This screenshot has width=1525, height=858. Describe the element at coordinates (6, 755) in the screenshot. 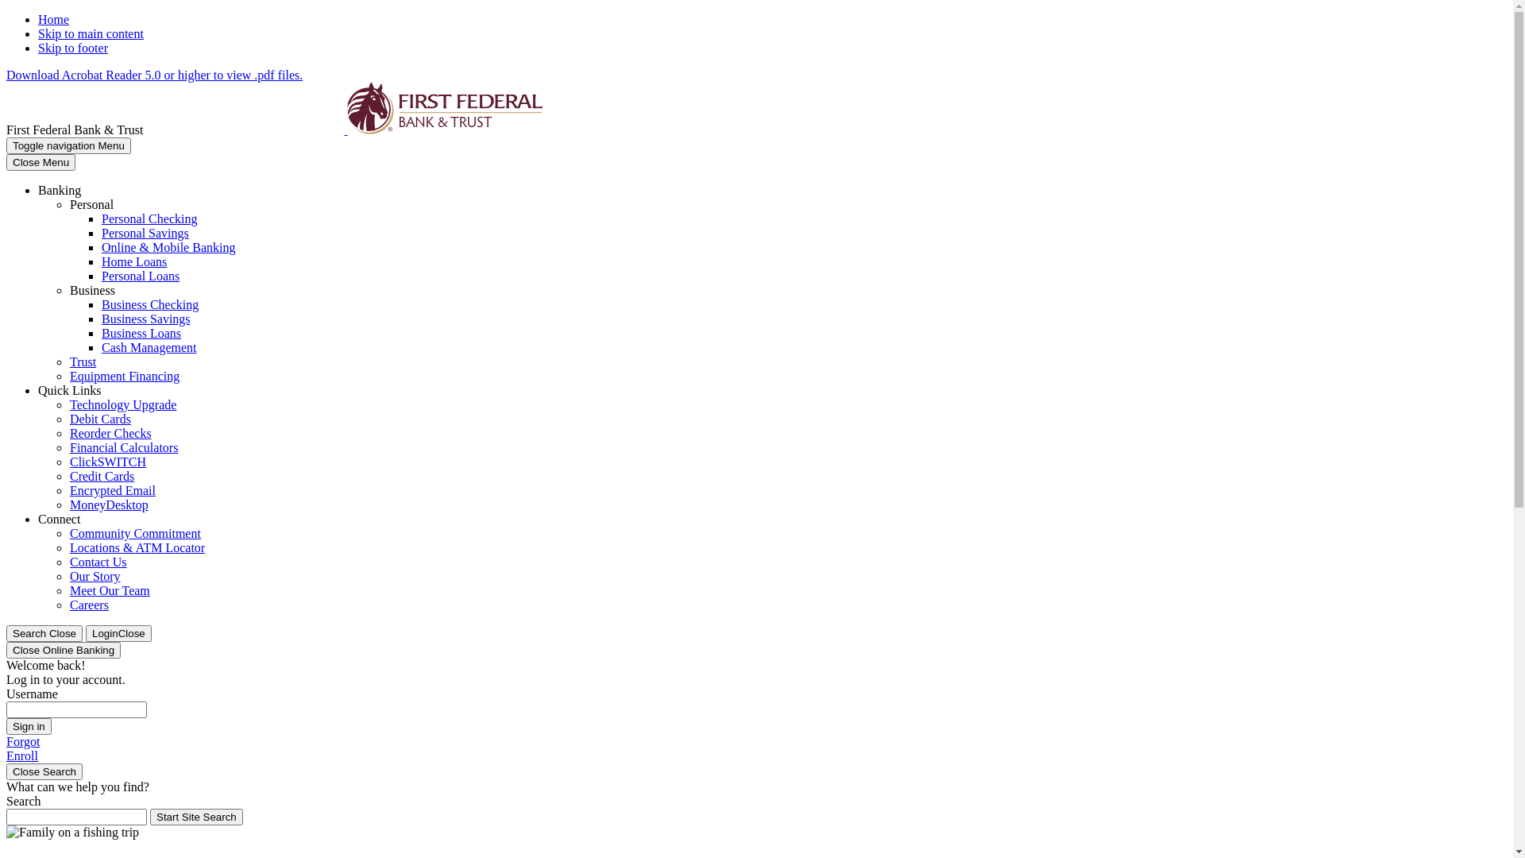

I see `'Enroll'` at that location.